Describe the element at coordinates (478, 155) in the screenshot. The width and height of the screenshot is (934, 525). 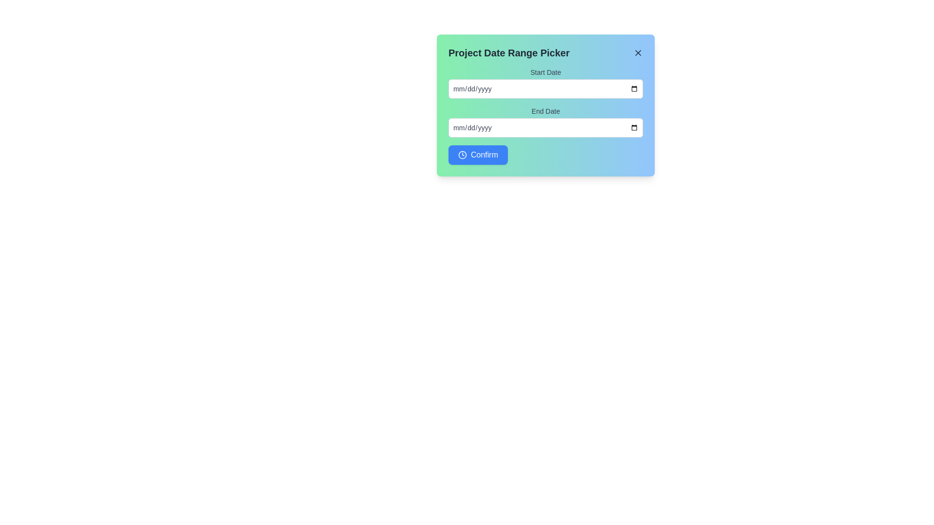
I see `the confirmation button located in the modal dialog titled 'Project Date Range Picker', positioned below the 'End Date' input field in the bottom-left corner` at that location.